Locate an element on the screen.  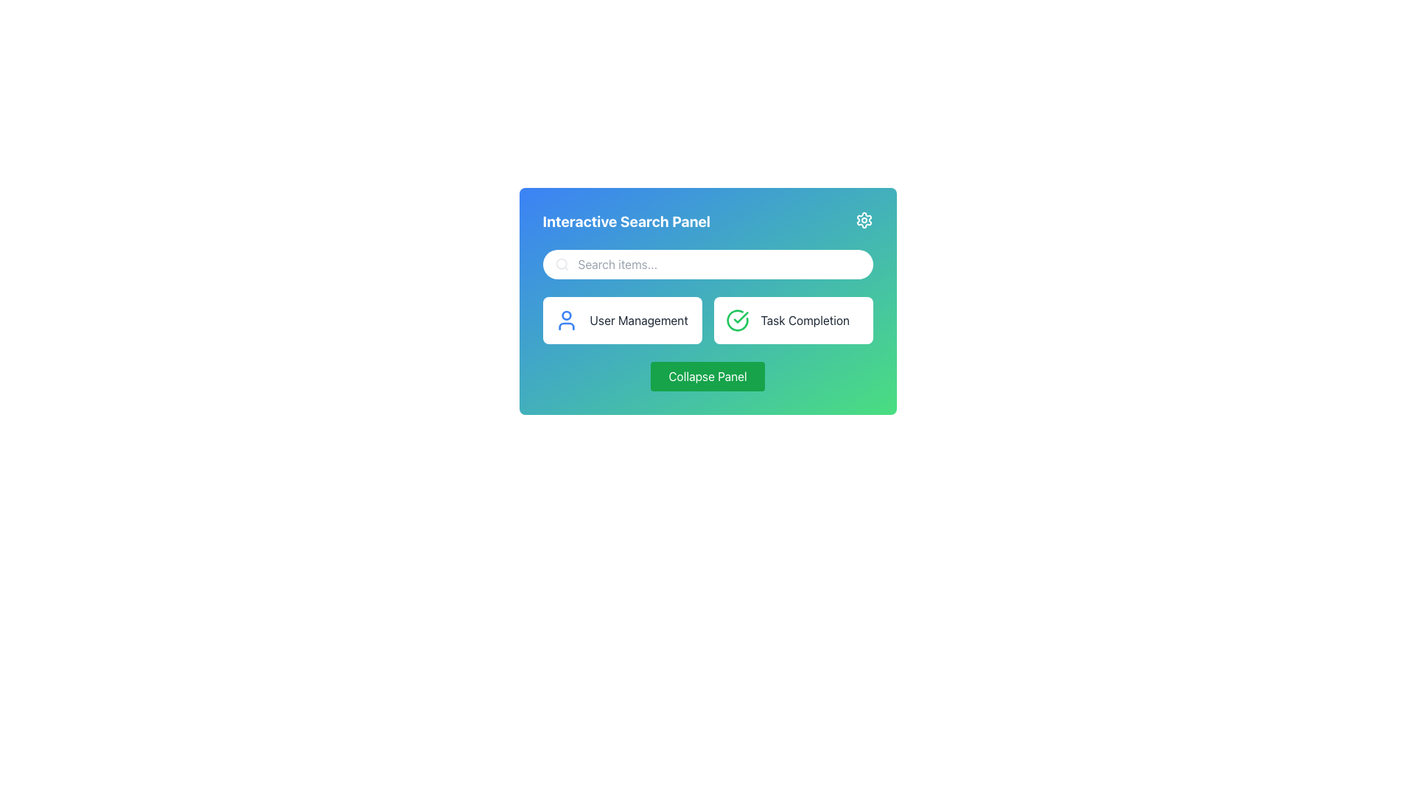
the success indicator icon located to the right of the 'Task Completion' button, which is the second button below the search bar is located at coordinates (737, 320).